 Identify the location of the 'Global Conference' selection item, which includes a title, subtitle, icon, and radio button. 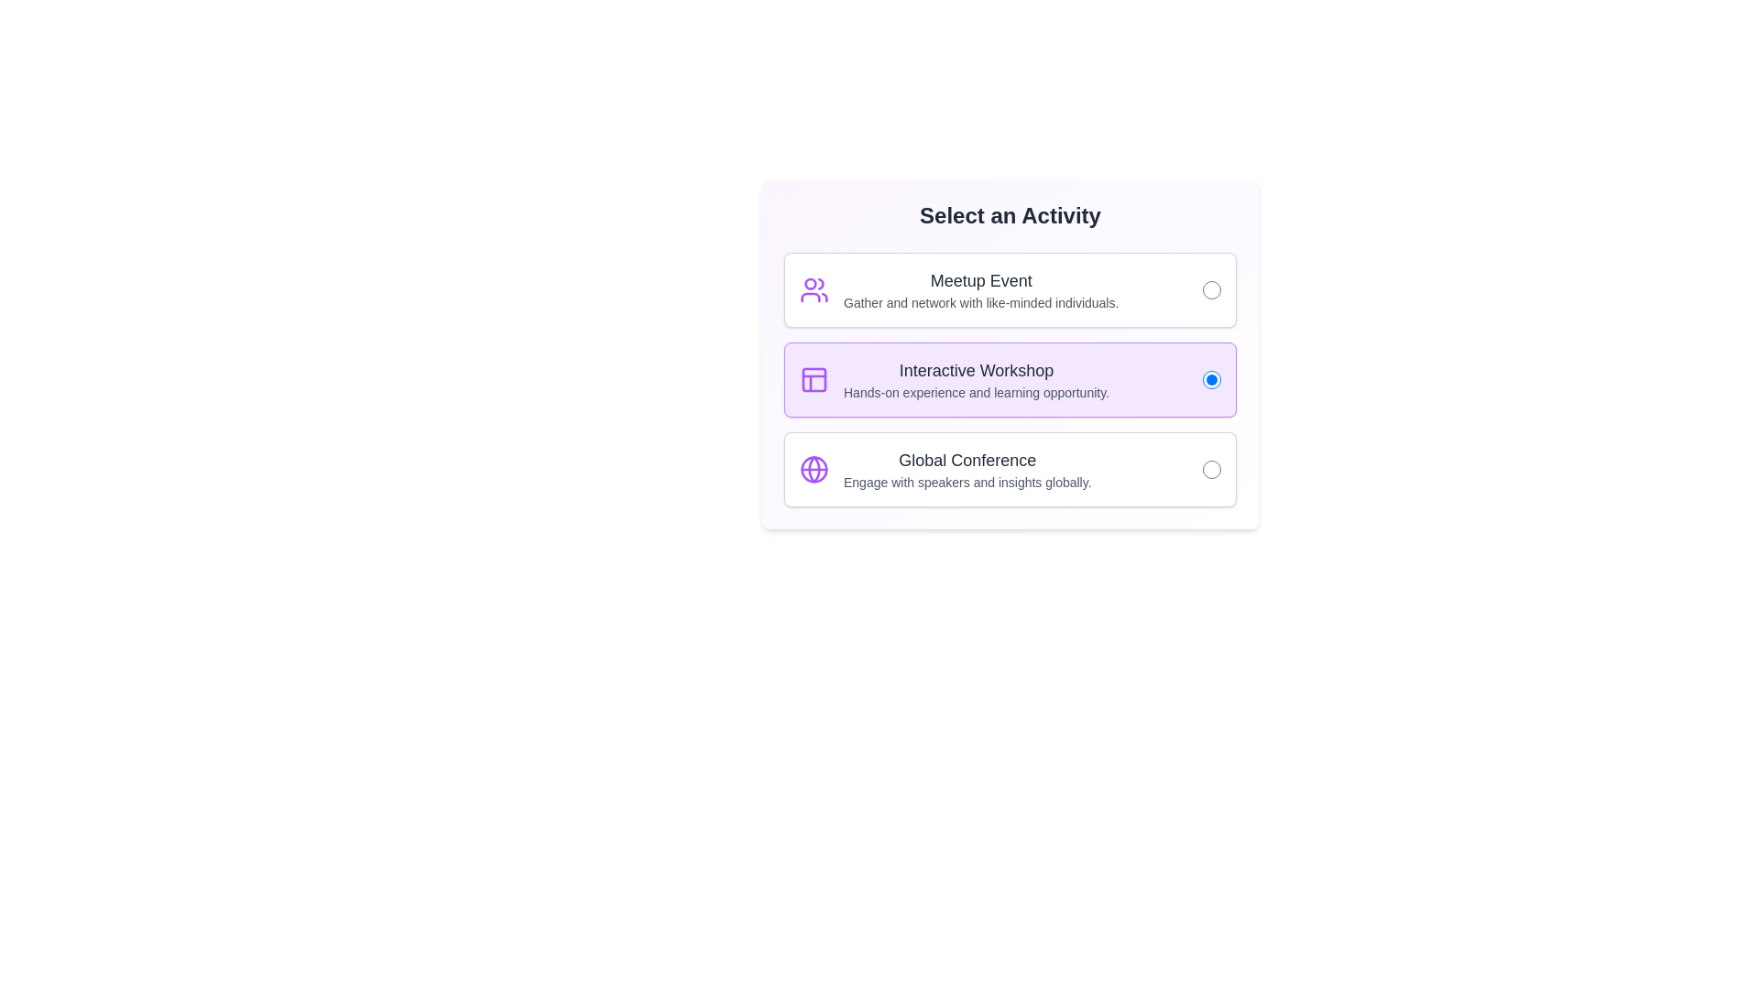
(1010, 469).